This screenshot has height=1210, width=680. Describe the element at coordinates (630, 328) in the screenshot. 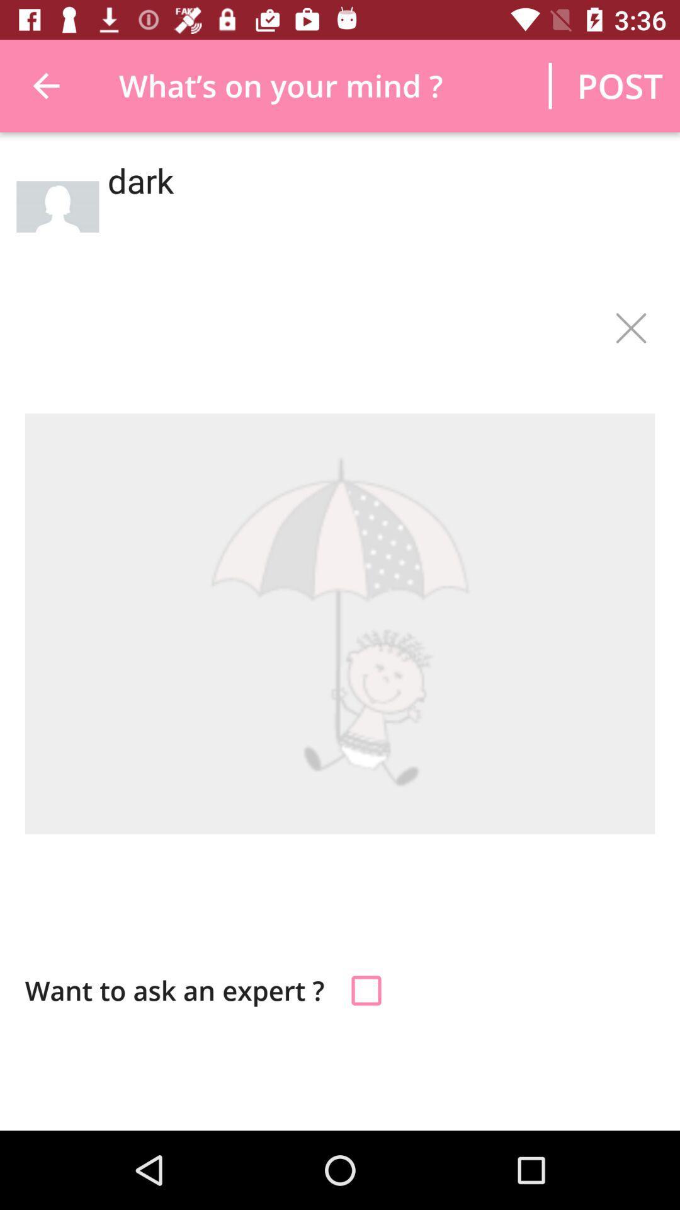

I see `the icon below the dark icon` at that location.